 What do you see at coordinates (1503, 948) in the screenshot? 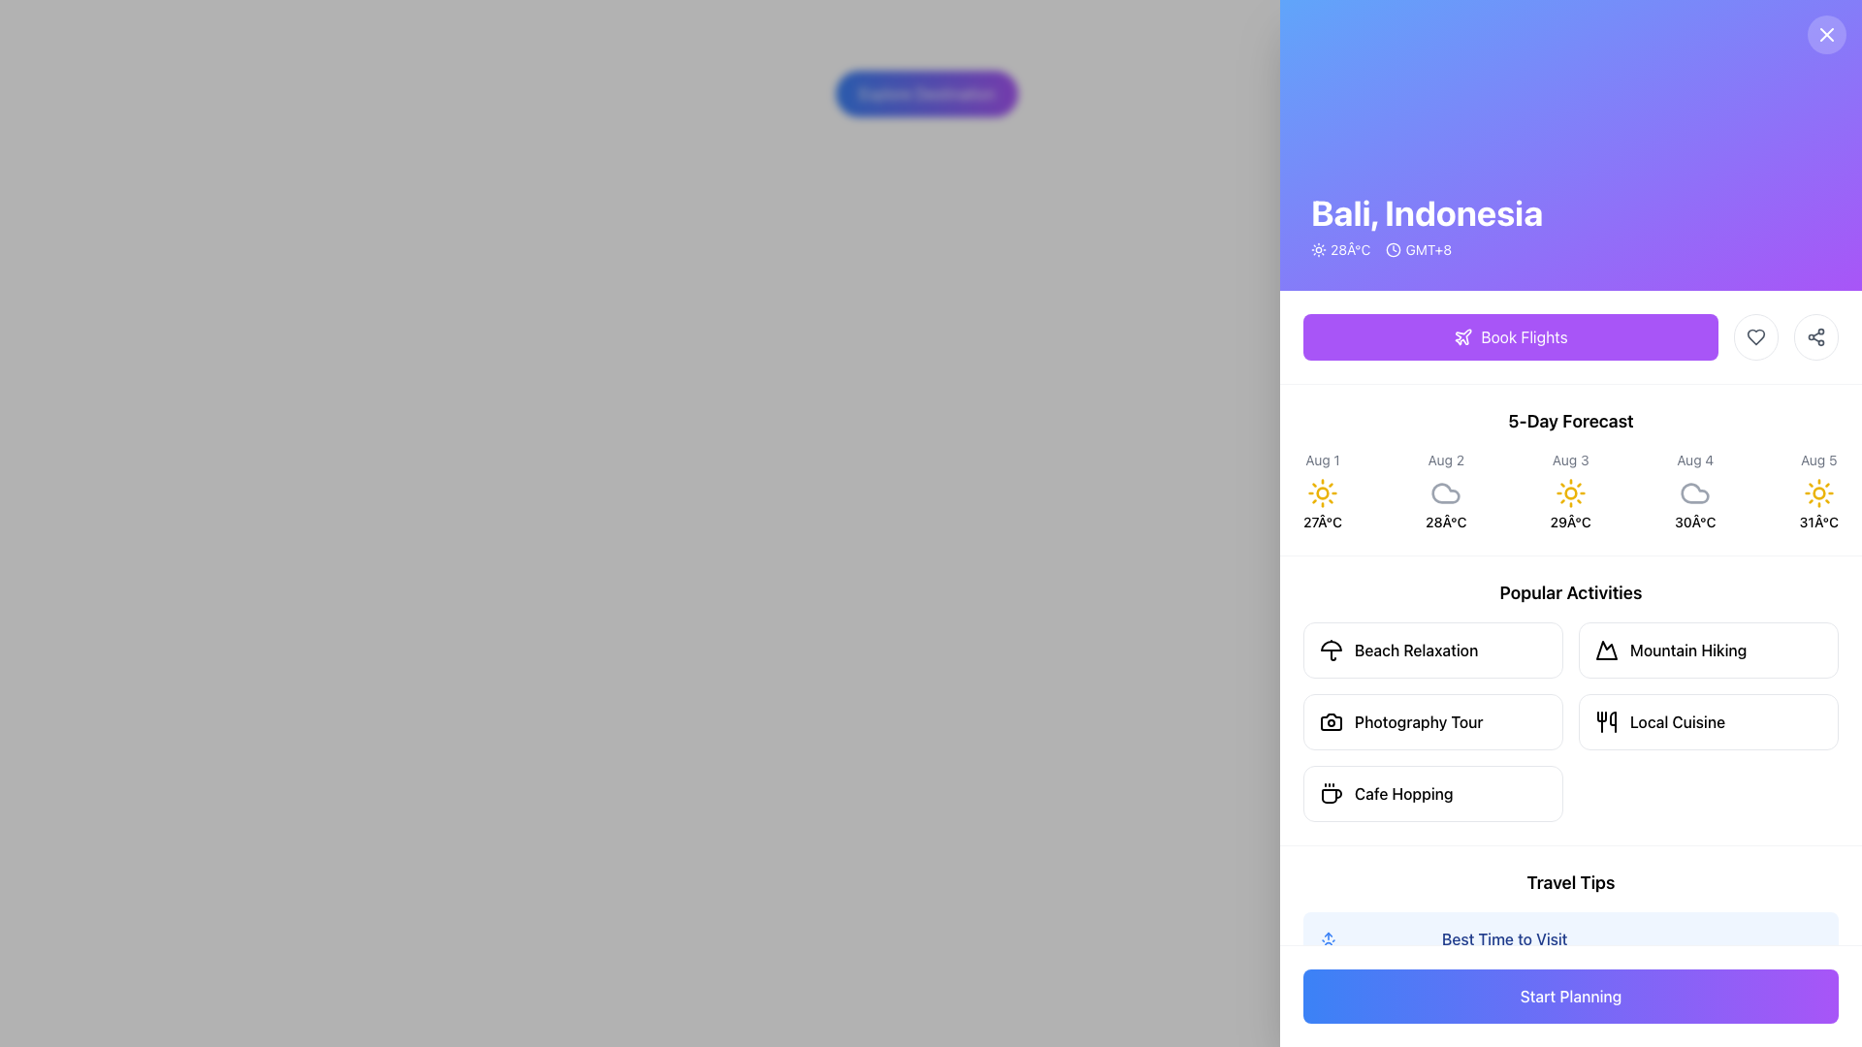
I see `the informational text block with the bolded text 'Best Time to Visit' in the Travel Tips section` at bounding box center [1503, 948].